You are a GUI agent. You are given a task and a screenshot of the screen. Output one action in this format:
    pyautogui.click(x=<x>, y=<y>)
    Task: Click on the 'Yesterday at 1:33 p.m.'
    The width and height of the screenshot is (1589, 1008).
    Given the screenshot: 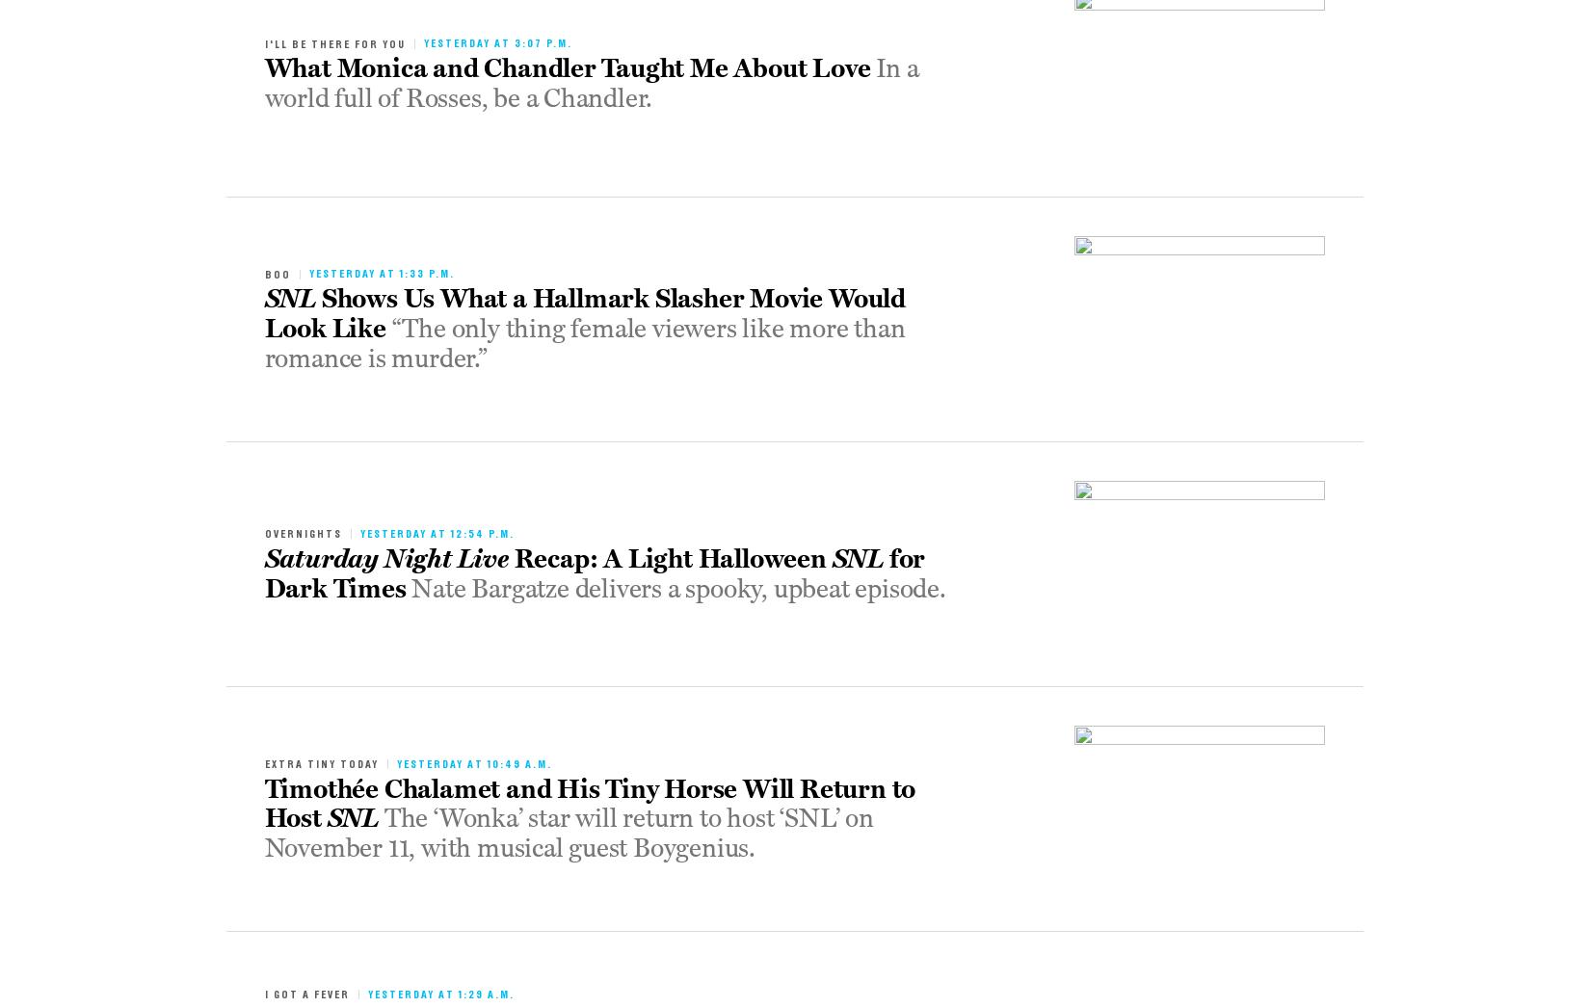 What is the action you would take?
    pyautogui.click(x=380, y=273)
    